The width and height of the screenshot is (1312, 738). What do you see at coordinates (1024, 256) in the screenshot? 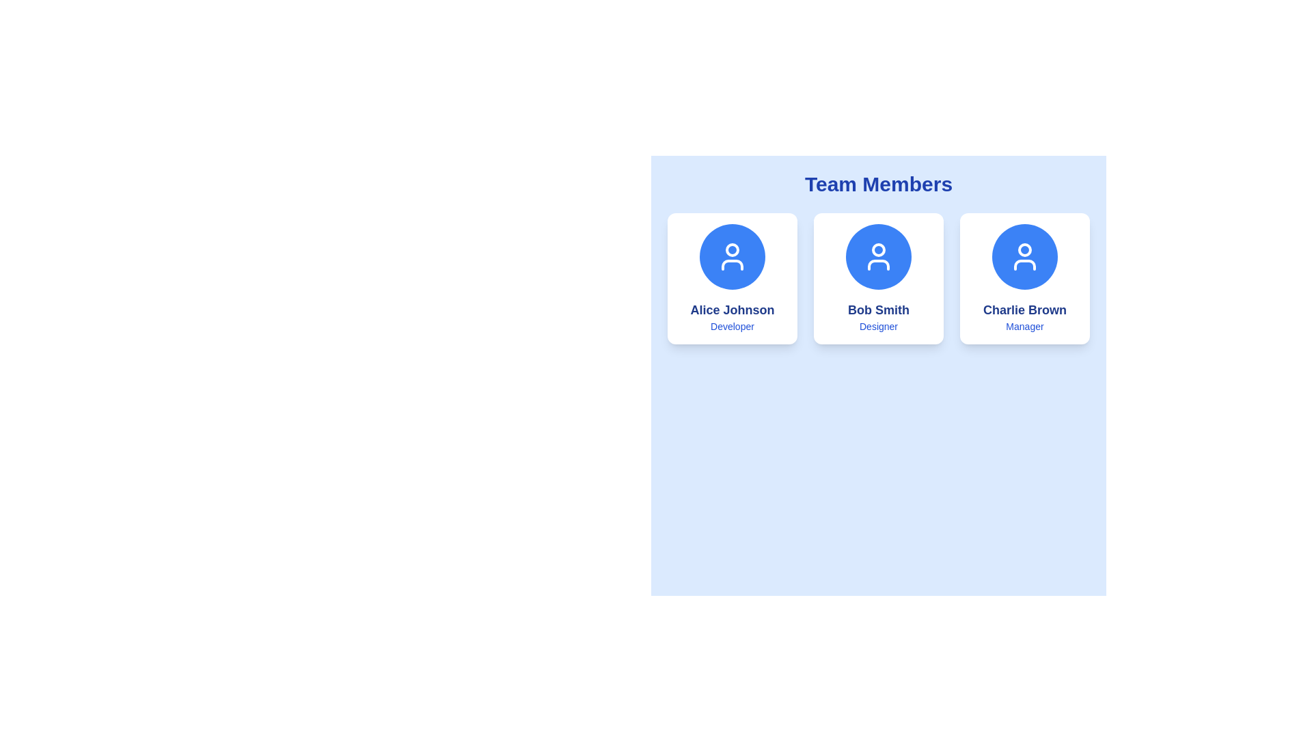
I see `the SVG icon representing a user, which is a minimalist blue-styled design located at the center of the card titled 'Charlie Brown - Manager'` at bounding box center [1024, 256].